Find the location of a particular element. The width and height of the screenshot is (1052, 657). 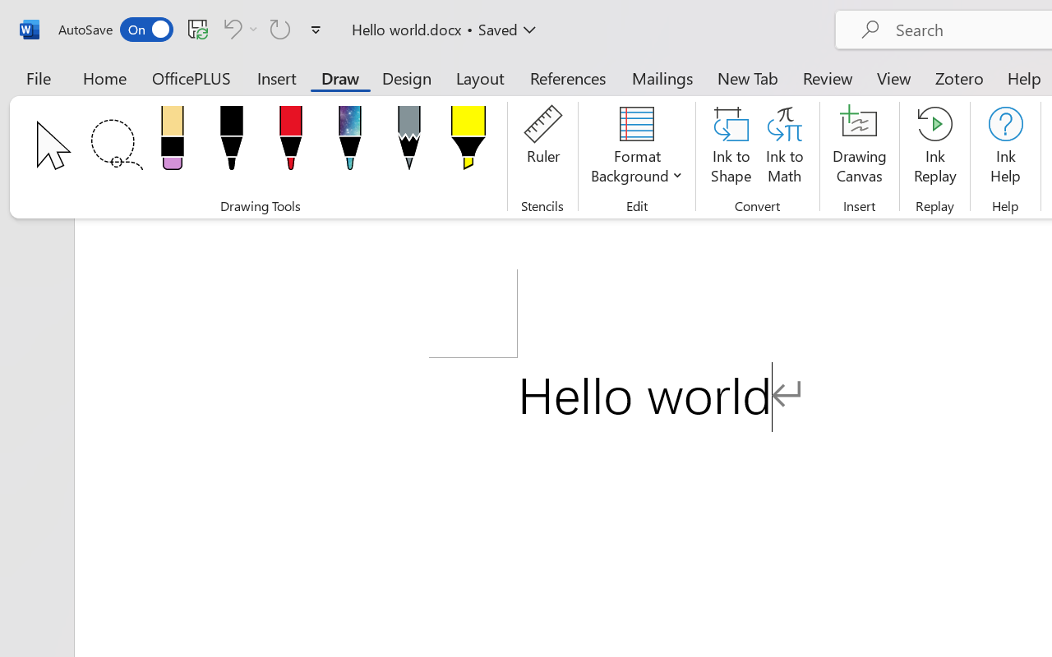

'Can' is located at coordinates (238, 28).